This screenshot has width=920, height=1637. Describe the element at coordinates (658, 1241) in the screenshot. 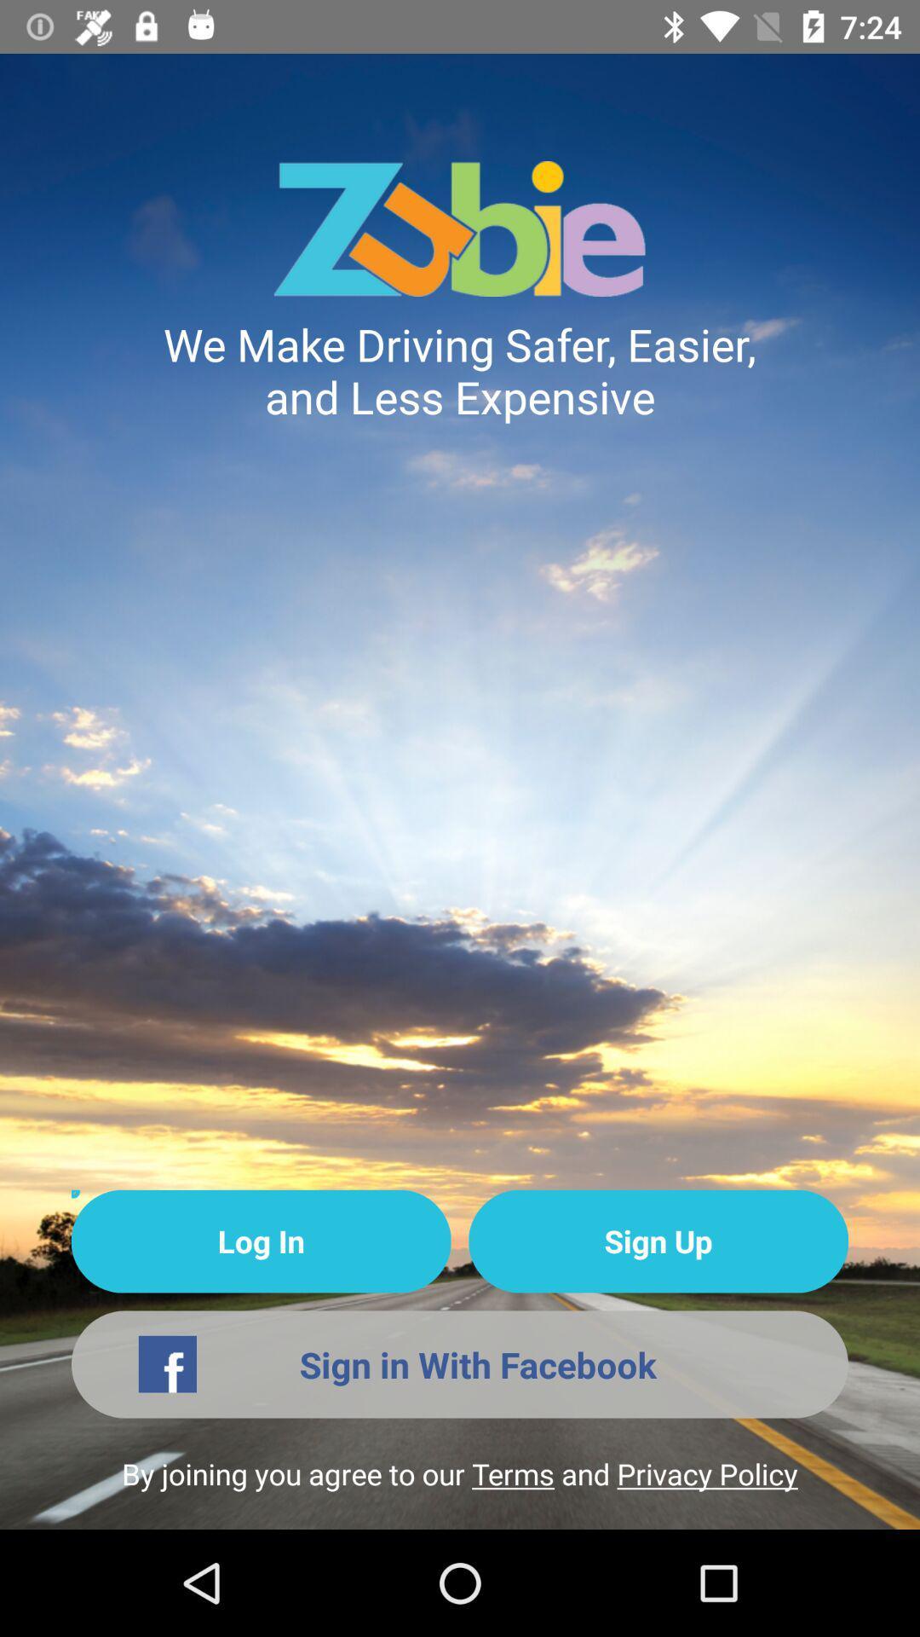

I see `icon below the we make driving icon` at that location.